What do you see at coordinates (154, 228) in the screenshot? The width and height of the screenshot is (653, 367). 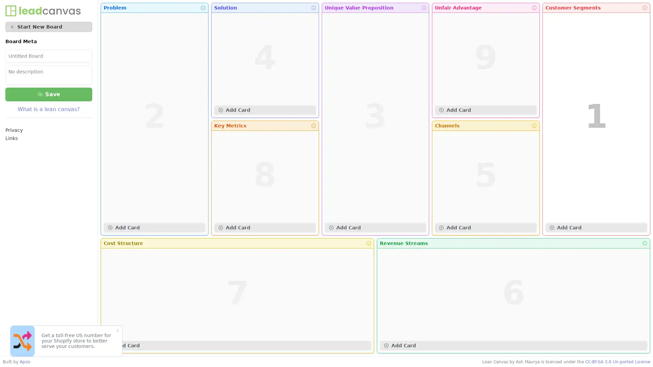 I see `Add Card` at bounding box center [154, 228].